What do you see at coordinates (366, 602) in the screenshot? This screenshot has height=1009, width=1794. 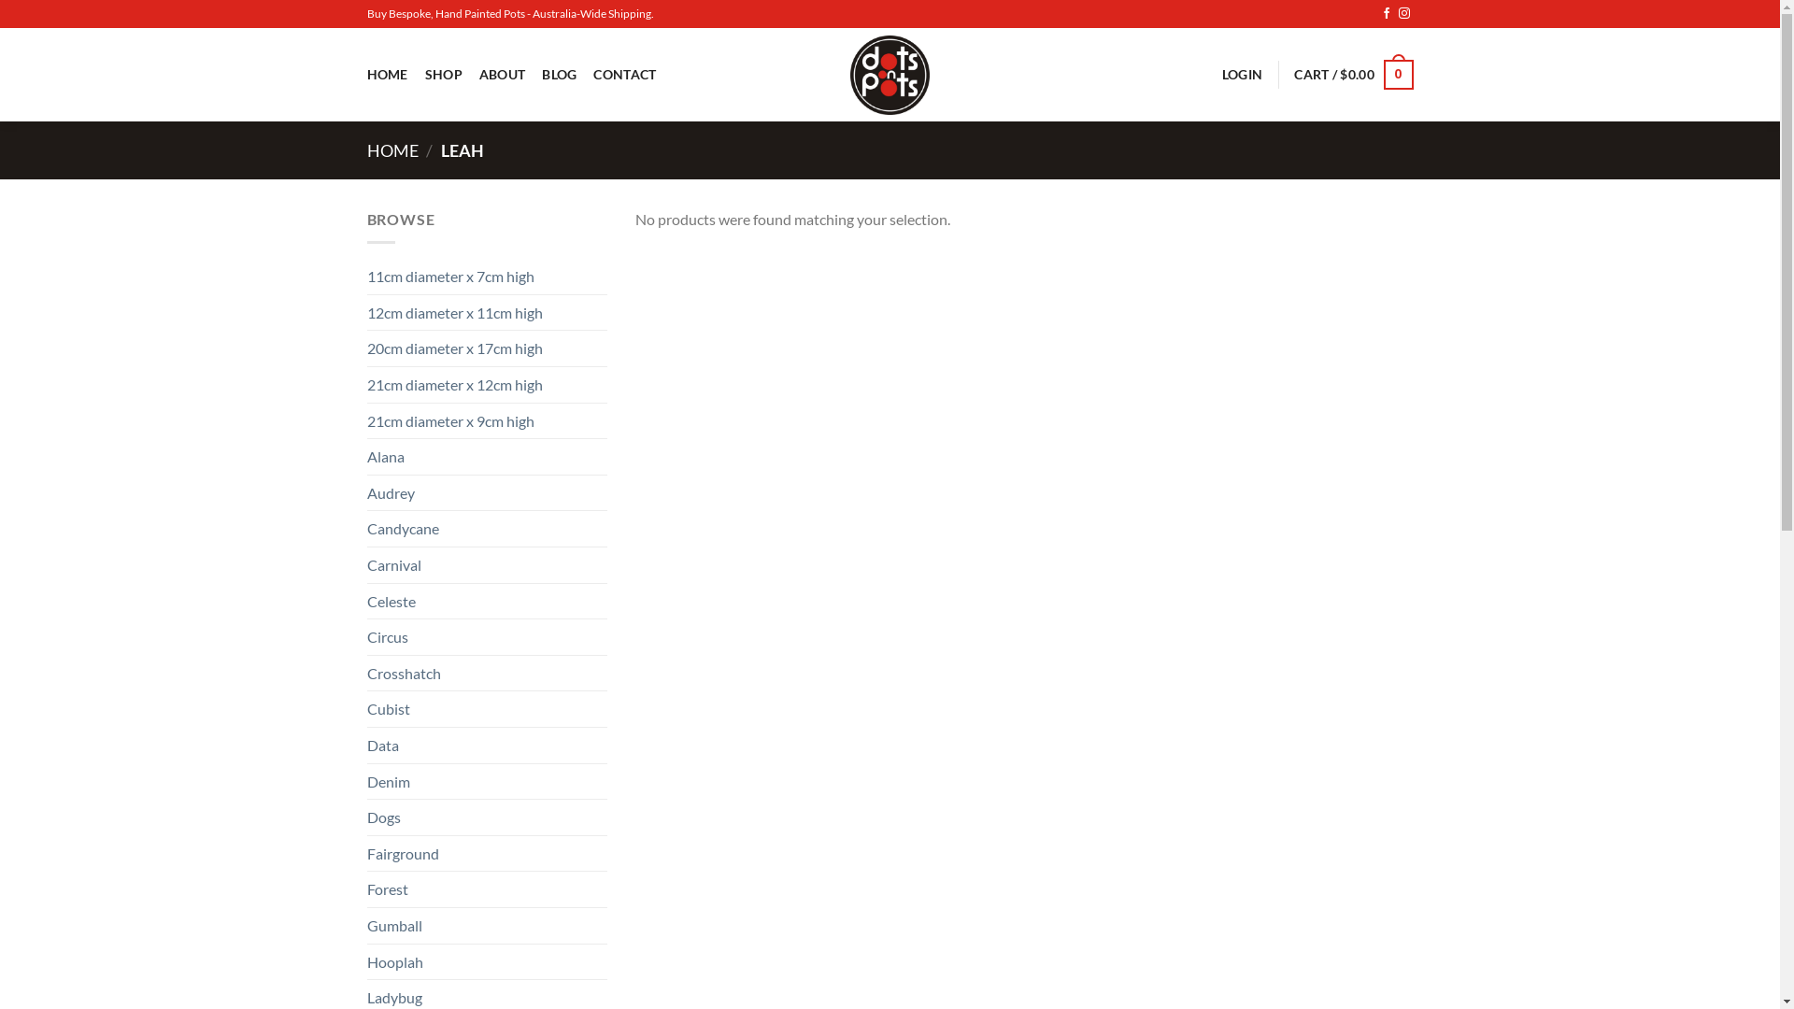 I see `'Celeste'` at bounding box center [366, 602].